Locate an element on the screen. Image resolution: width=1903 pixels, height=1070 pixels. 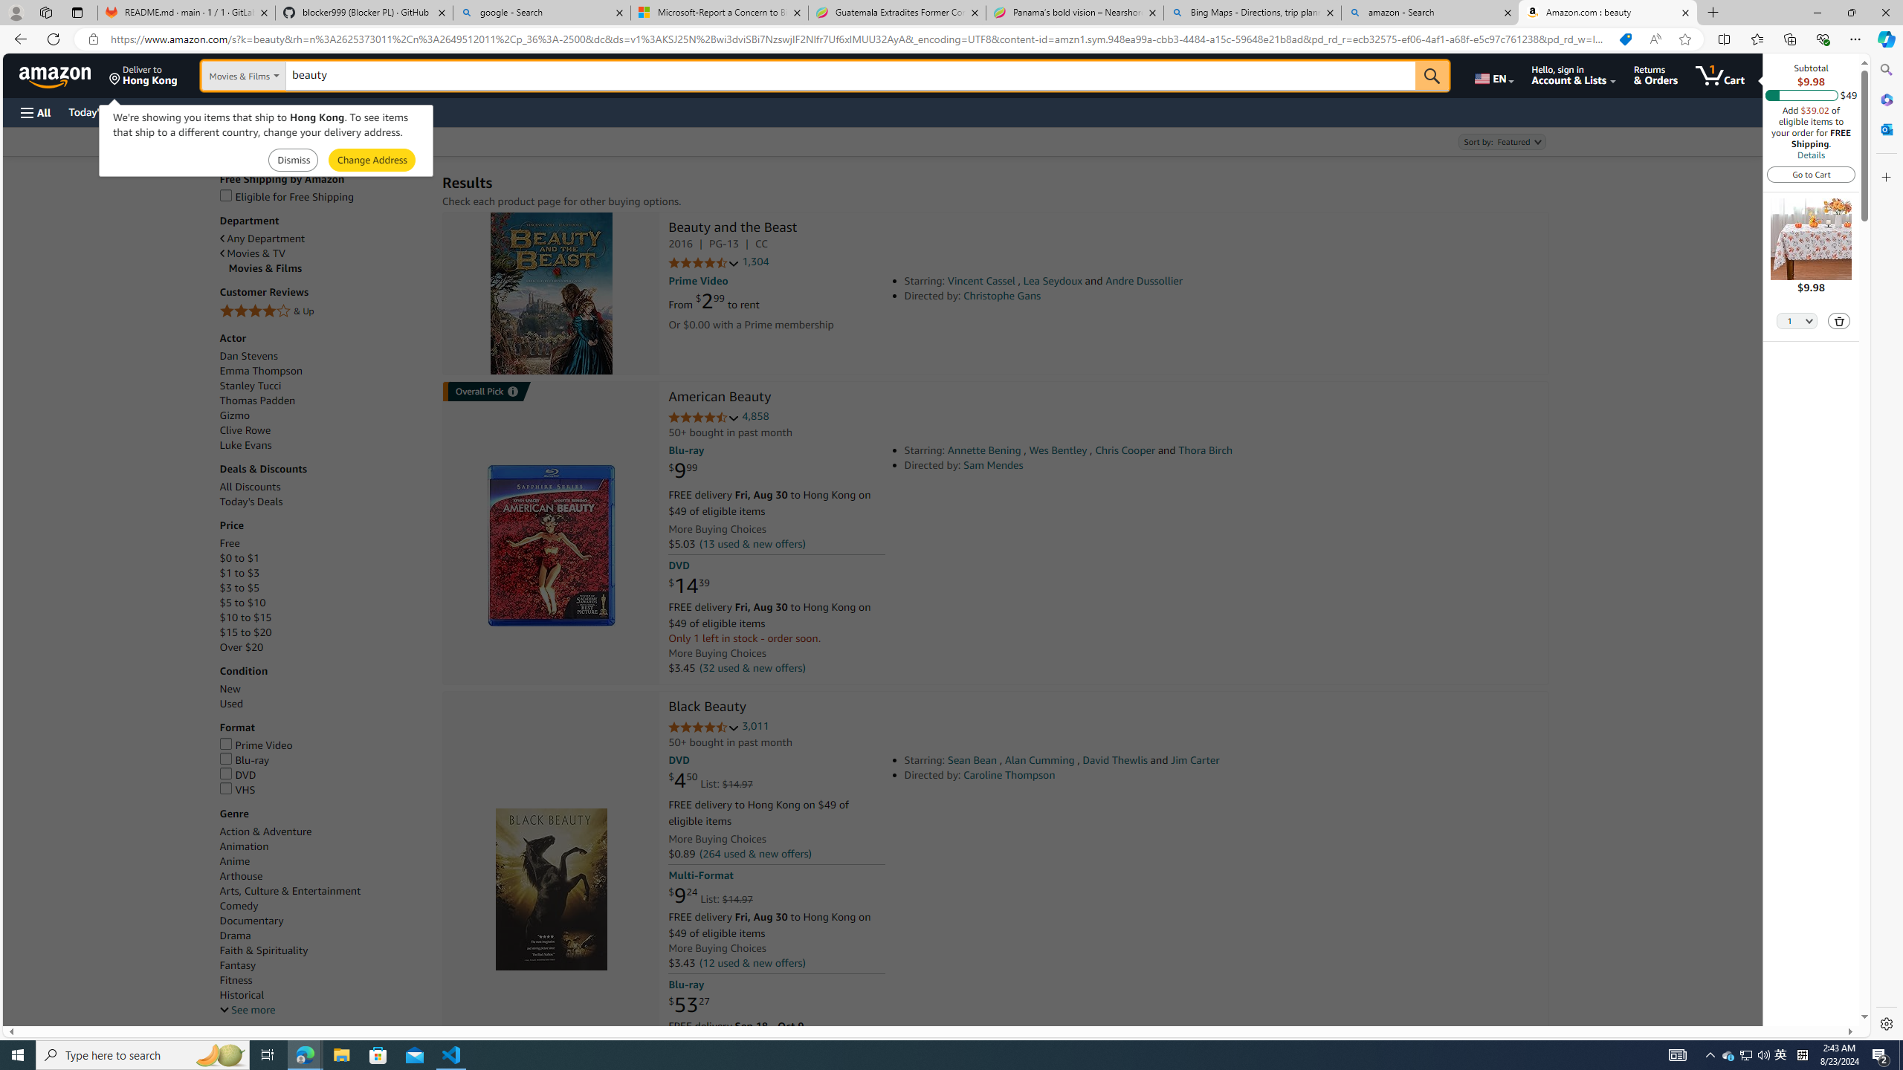
'(13 used & new offers)' is located at coordinates (751, 543).